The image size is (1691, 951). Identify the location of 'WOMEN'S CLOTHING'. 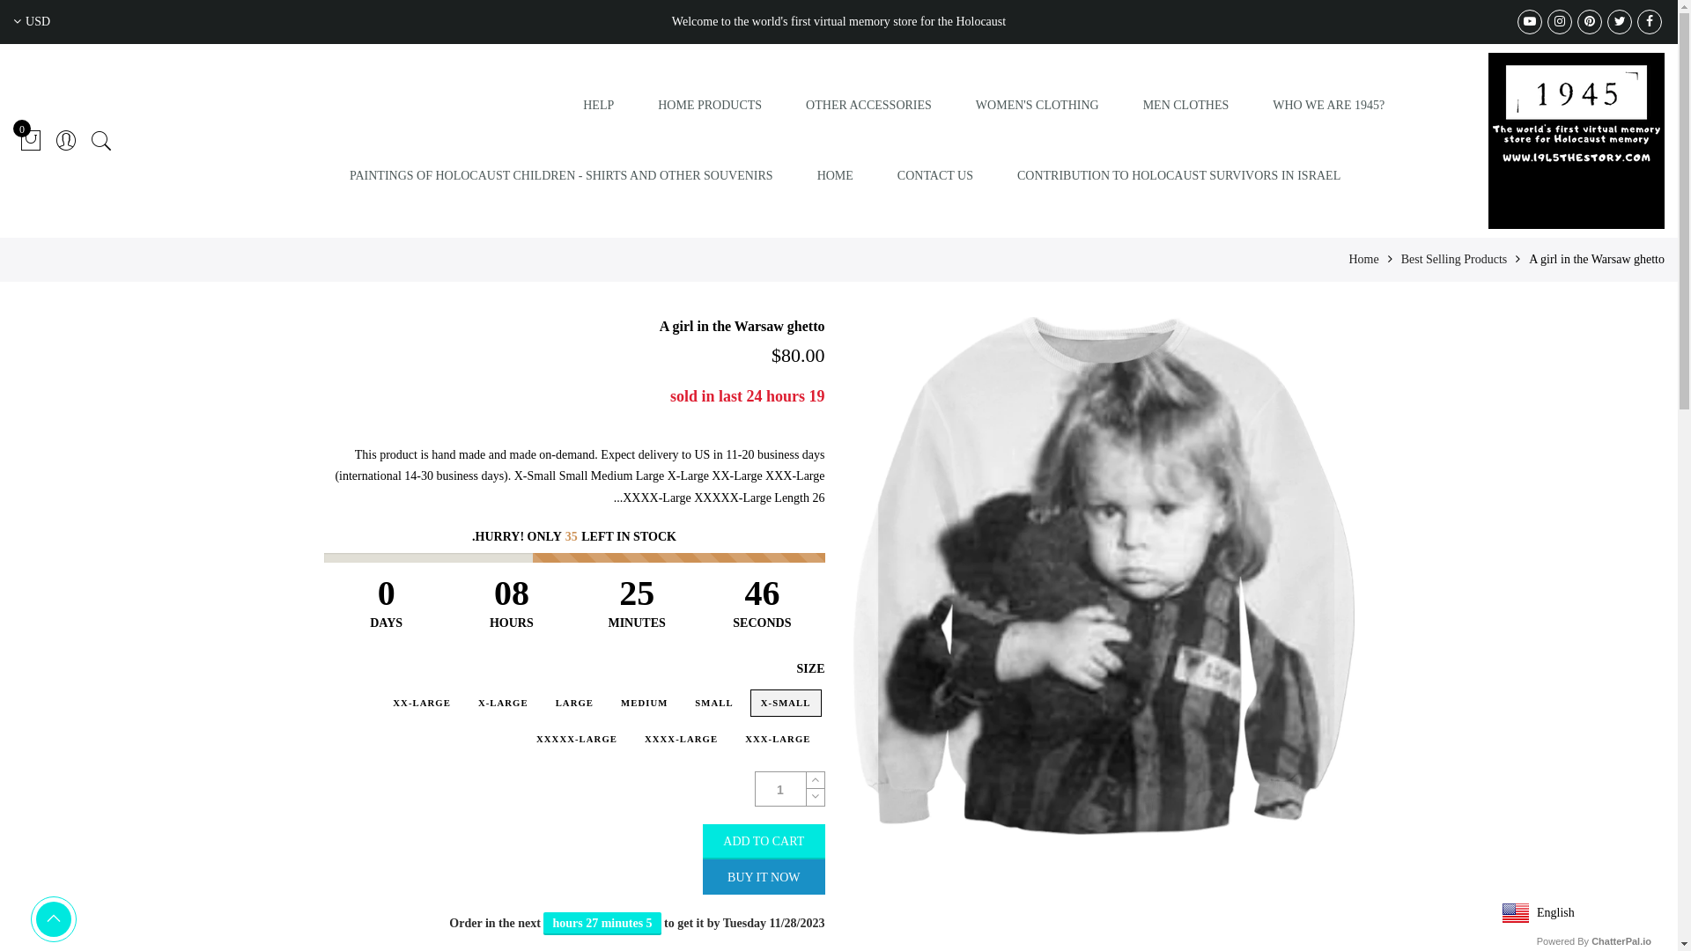
(1037, 105).